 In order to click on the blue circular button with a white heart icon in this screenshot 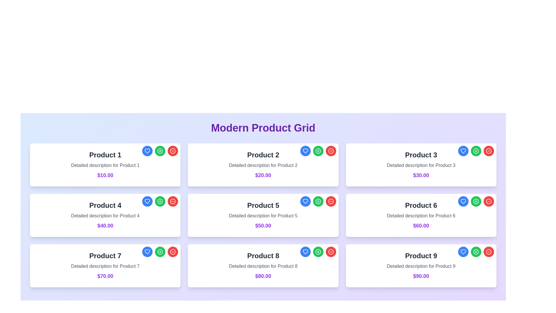, I will do `click(462, 201)`.